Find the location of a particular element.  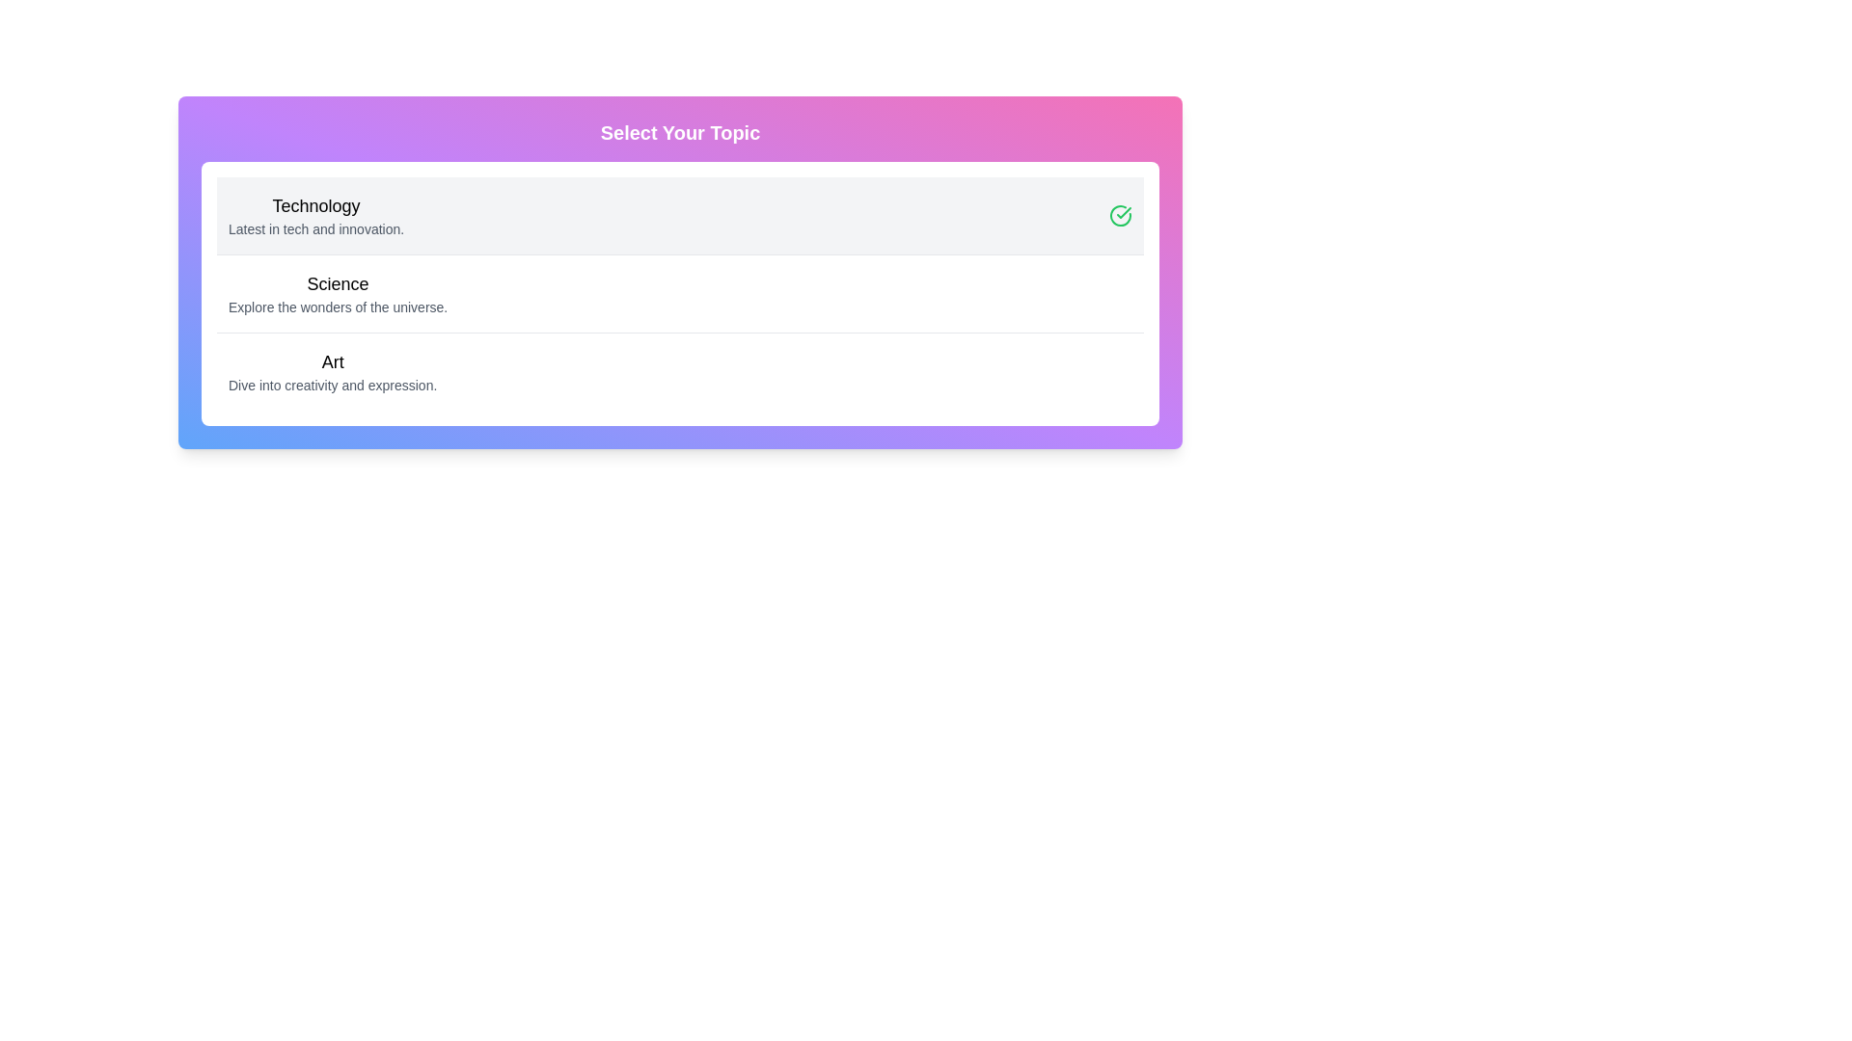

the 'Technology' heading text element, which is styled in bold black font and larger size, located at the top of a card-like area with a light gray background is located at coordinates (316, 205).